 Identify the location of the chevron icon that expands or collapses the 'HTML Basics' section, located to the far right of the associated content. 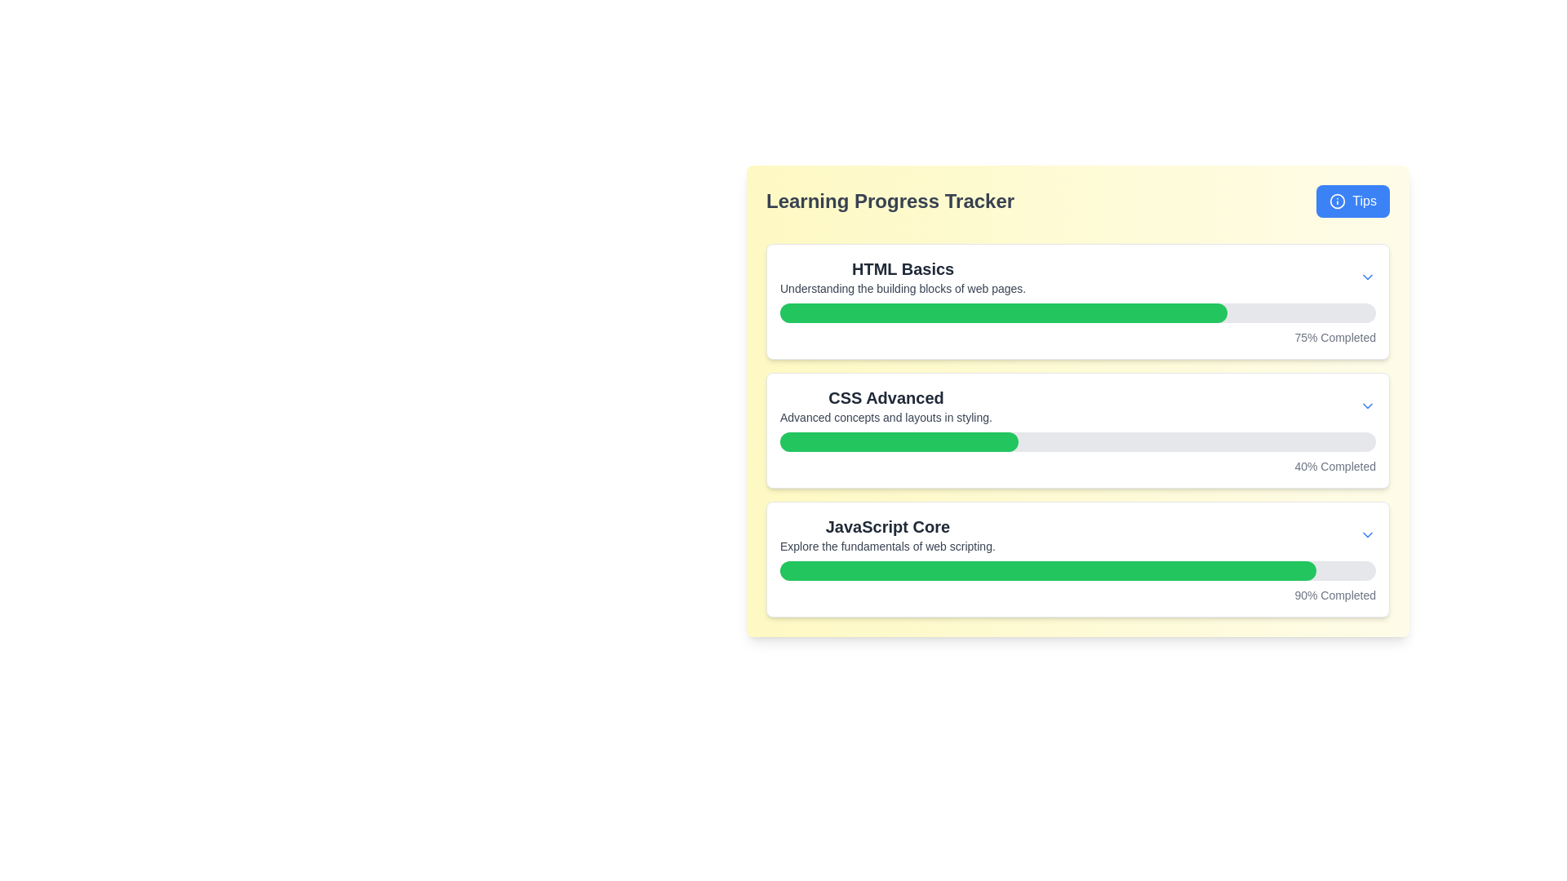
(1367, 276).